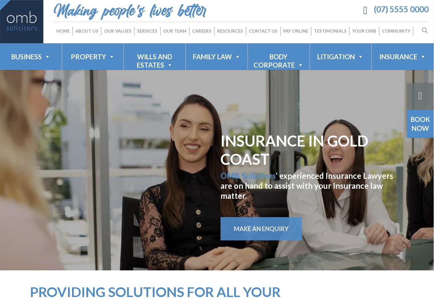 This screenshot has height=299, width=434. What do you see at coordinates (221, 106) in the screenshot?
I see `'Estate Planning'` at bounding box center [221, 106].